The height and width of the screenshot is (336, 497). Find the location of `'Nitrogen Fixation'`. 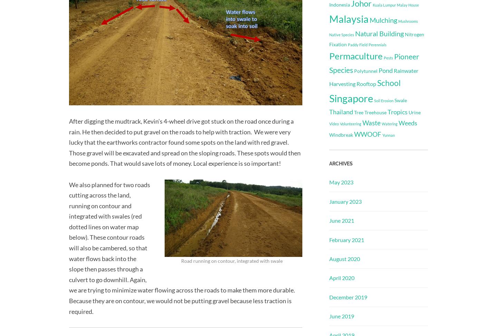

'Nitrogen Fixation' is located at coordinates (376, 39).